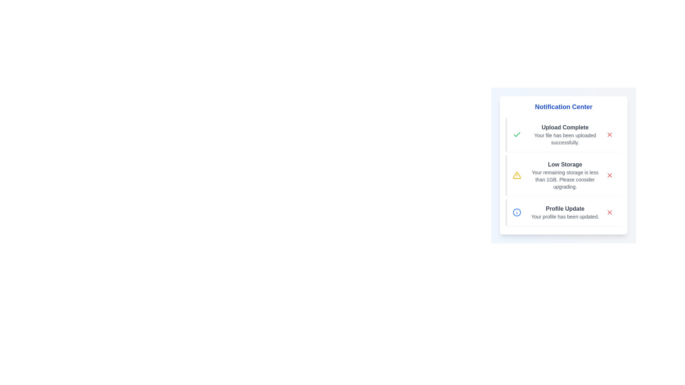 This screenshot has height=385, width=685. Describe the element at coordinates (565, 175) in the screenshot. I see `the message in the 'Low Storage' text block, which indicates that the remaining storage is less than 1GB, for decision-making` at that location.